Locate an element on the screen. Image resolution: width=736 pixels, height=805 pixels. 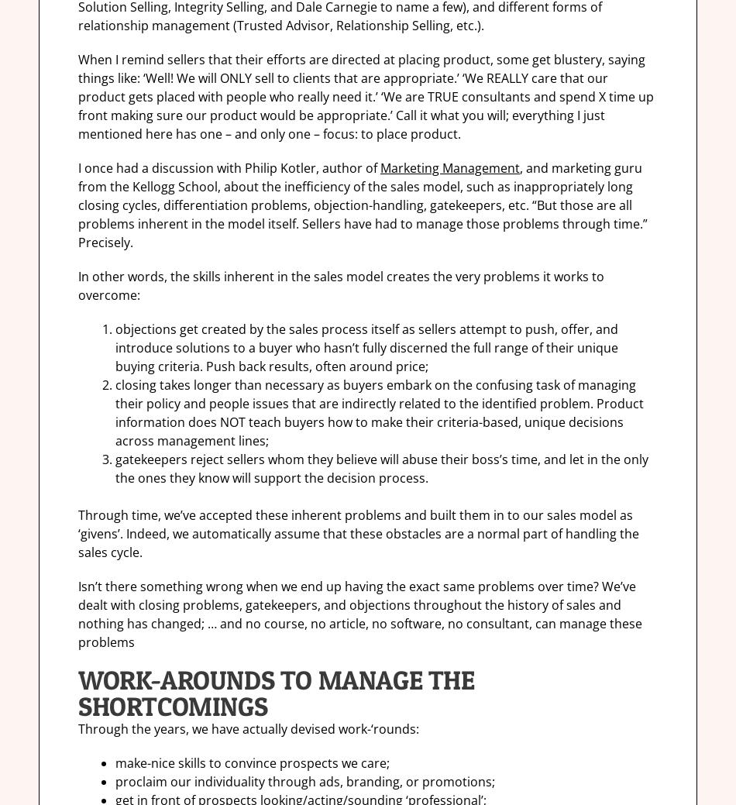
'objections get created by the sales process itself as sellers attempt to push, offer, and introduce solutions to a buyer who hasn’t fully discerned the full range of their unique buying criteria. Push back results, often around price;' is located at coordinates (115, 346).